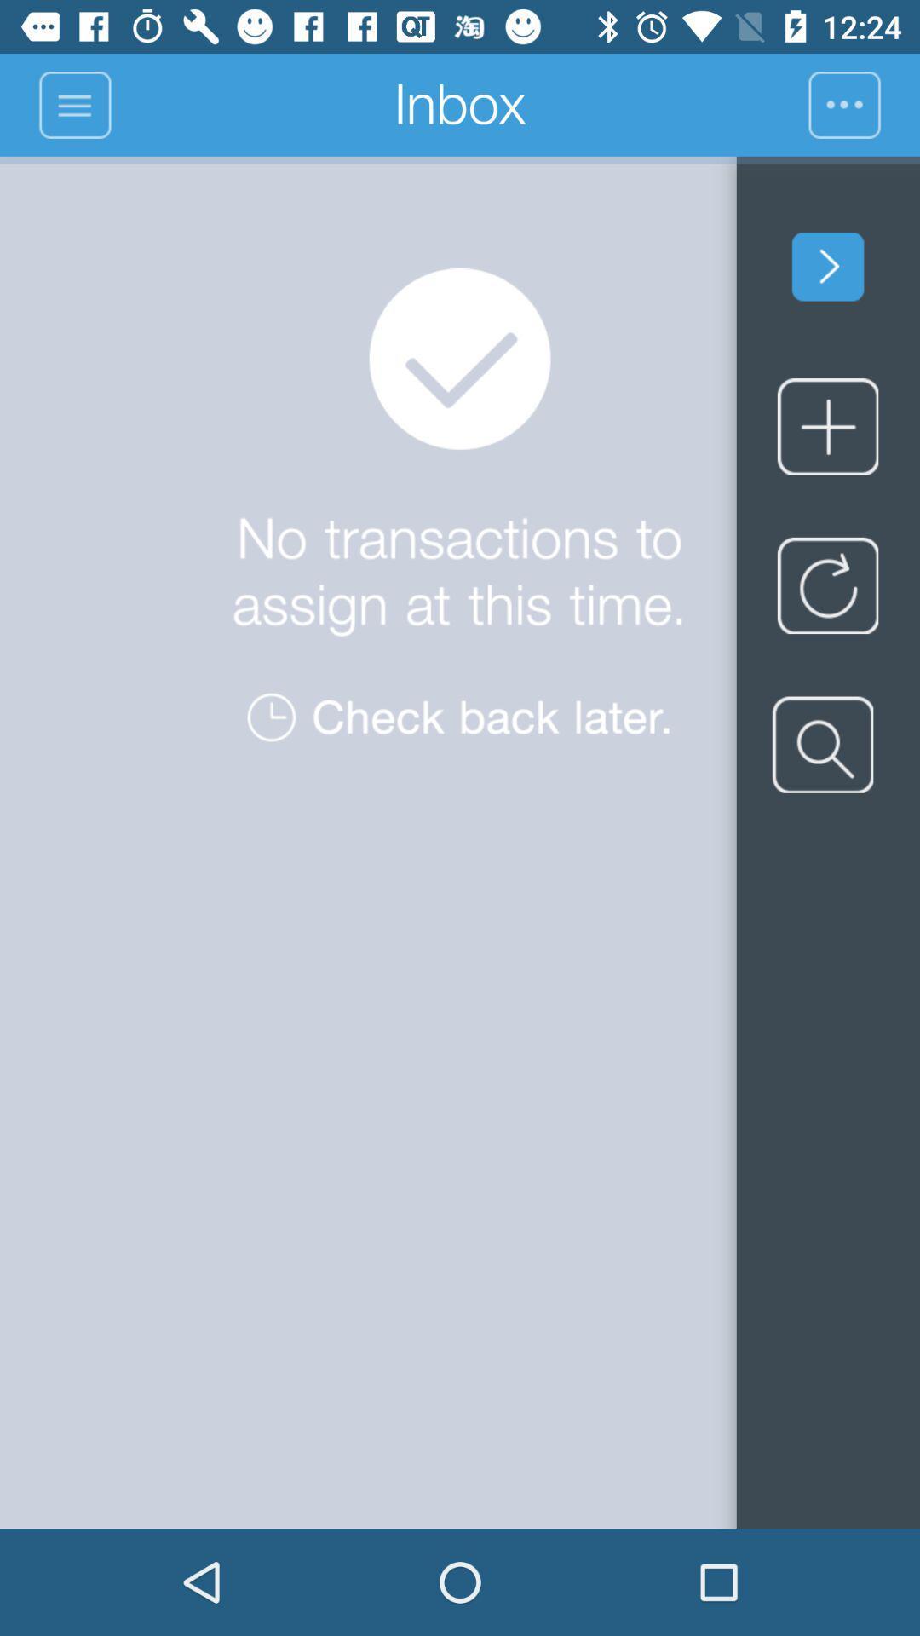  What do you see at coordinates (864, 104) in the screenshot?
I see `the icon next to the inbox` at bounding box center [864, 104].